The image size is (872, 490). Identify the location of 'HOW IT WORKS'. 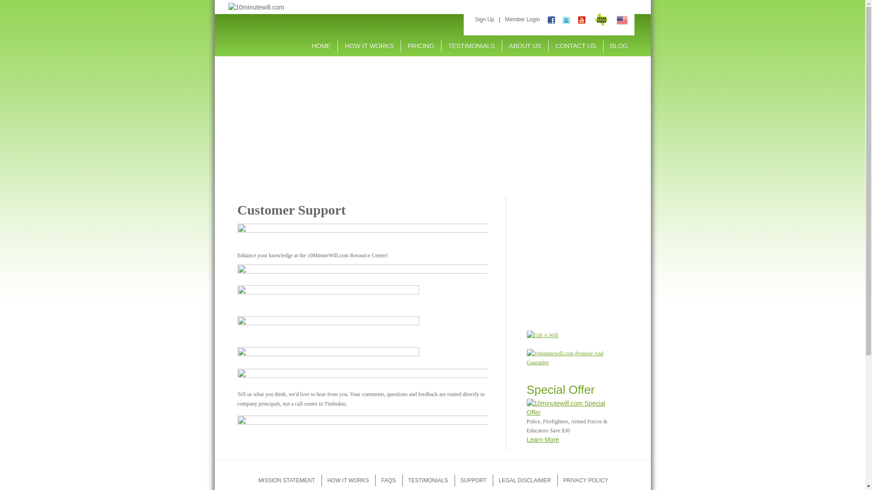
(348, 480).